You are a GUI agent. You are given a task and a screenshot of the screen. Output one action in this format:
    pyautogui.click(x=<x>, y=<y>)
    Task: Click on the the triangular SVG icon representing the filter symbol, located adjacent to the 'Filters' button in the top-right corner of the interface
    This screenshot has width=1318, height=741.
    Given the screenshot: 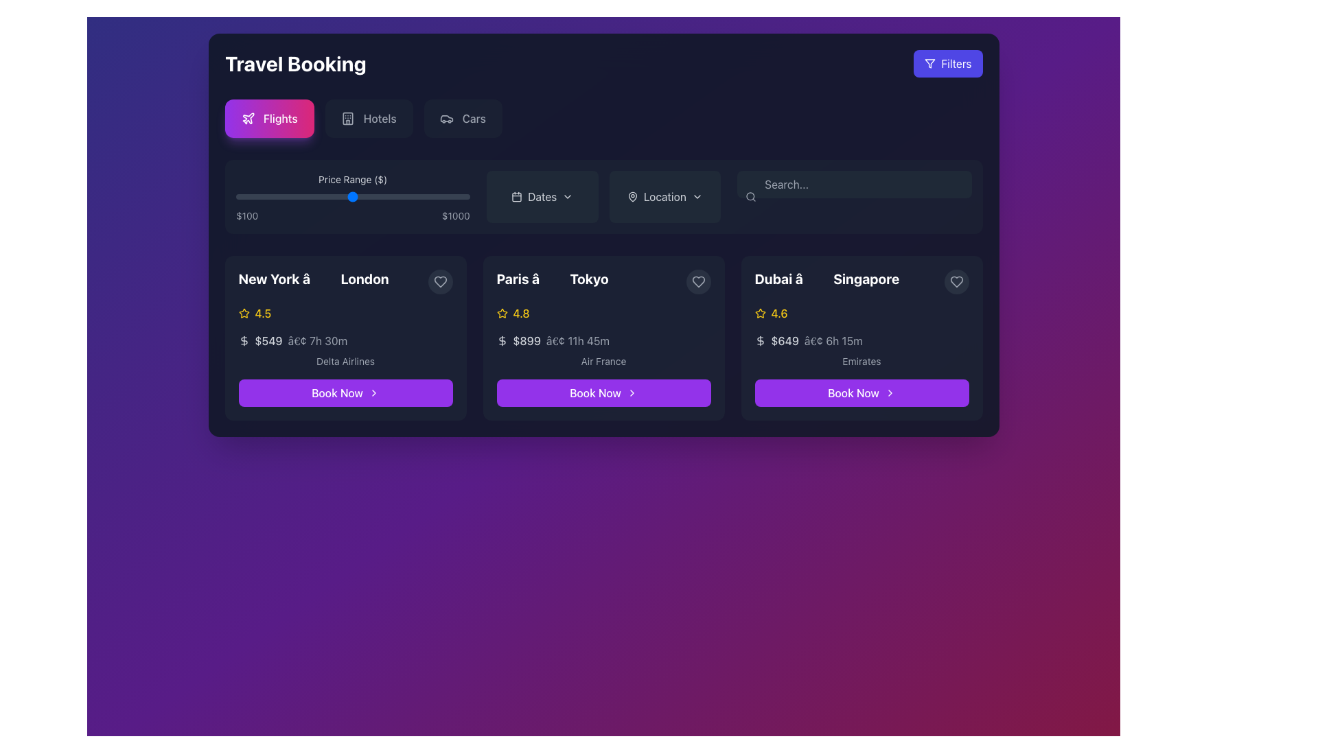 What is the action you would take?
    pyautogui.click(x=930, y=63)
    